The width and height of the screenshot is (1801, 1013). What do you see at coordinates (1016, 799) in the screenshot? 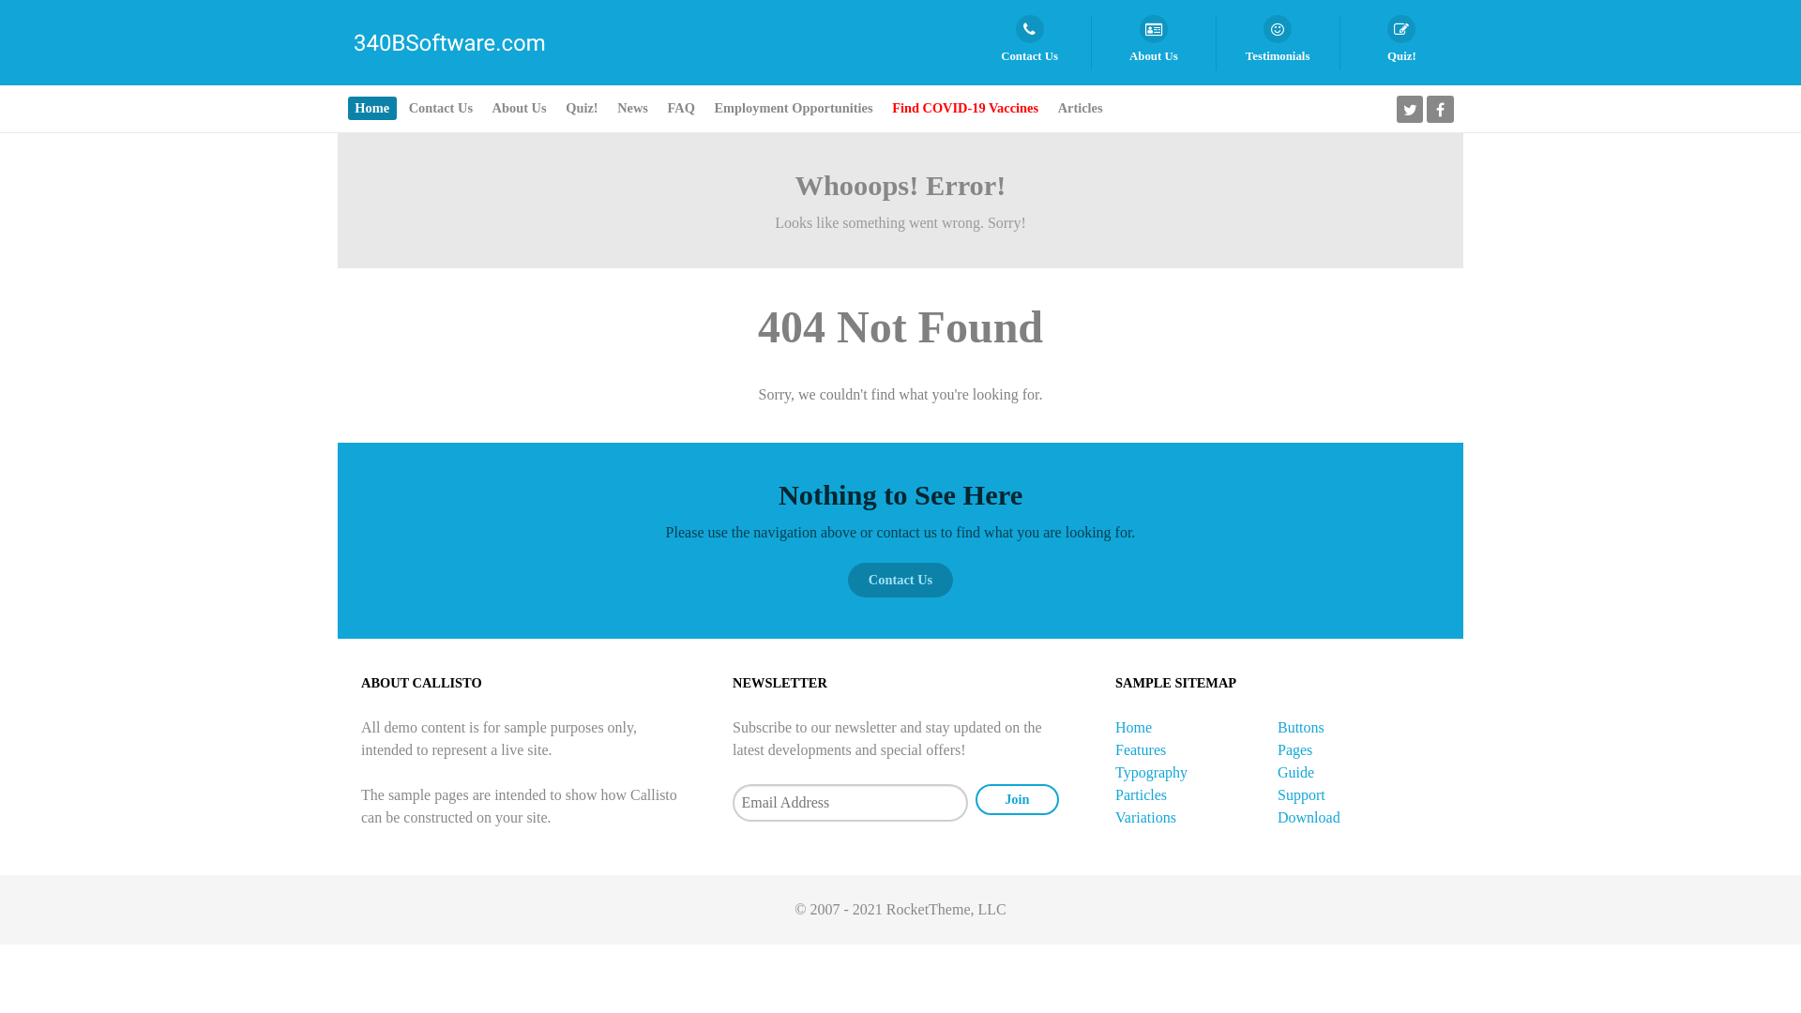
I see `'Join'` at bounding box center [1016, 799].